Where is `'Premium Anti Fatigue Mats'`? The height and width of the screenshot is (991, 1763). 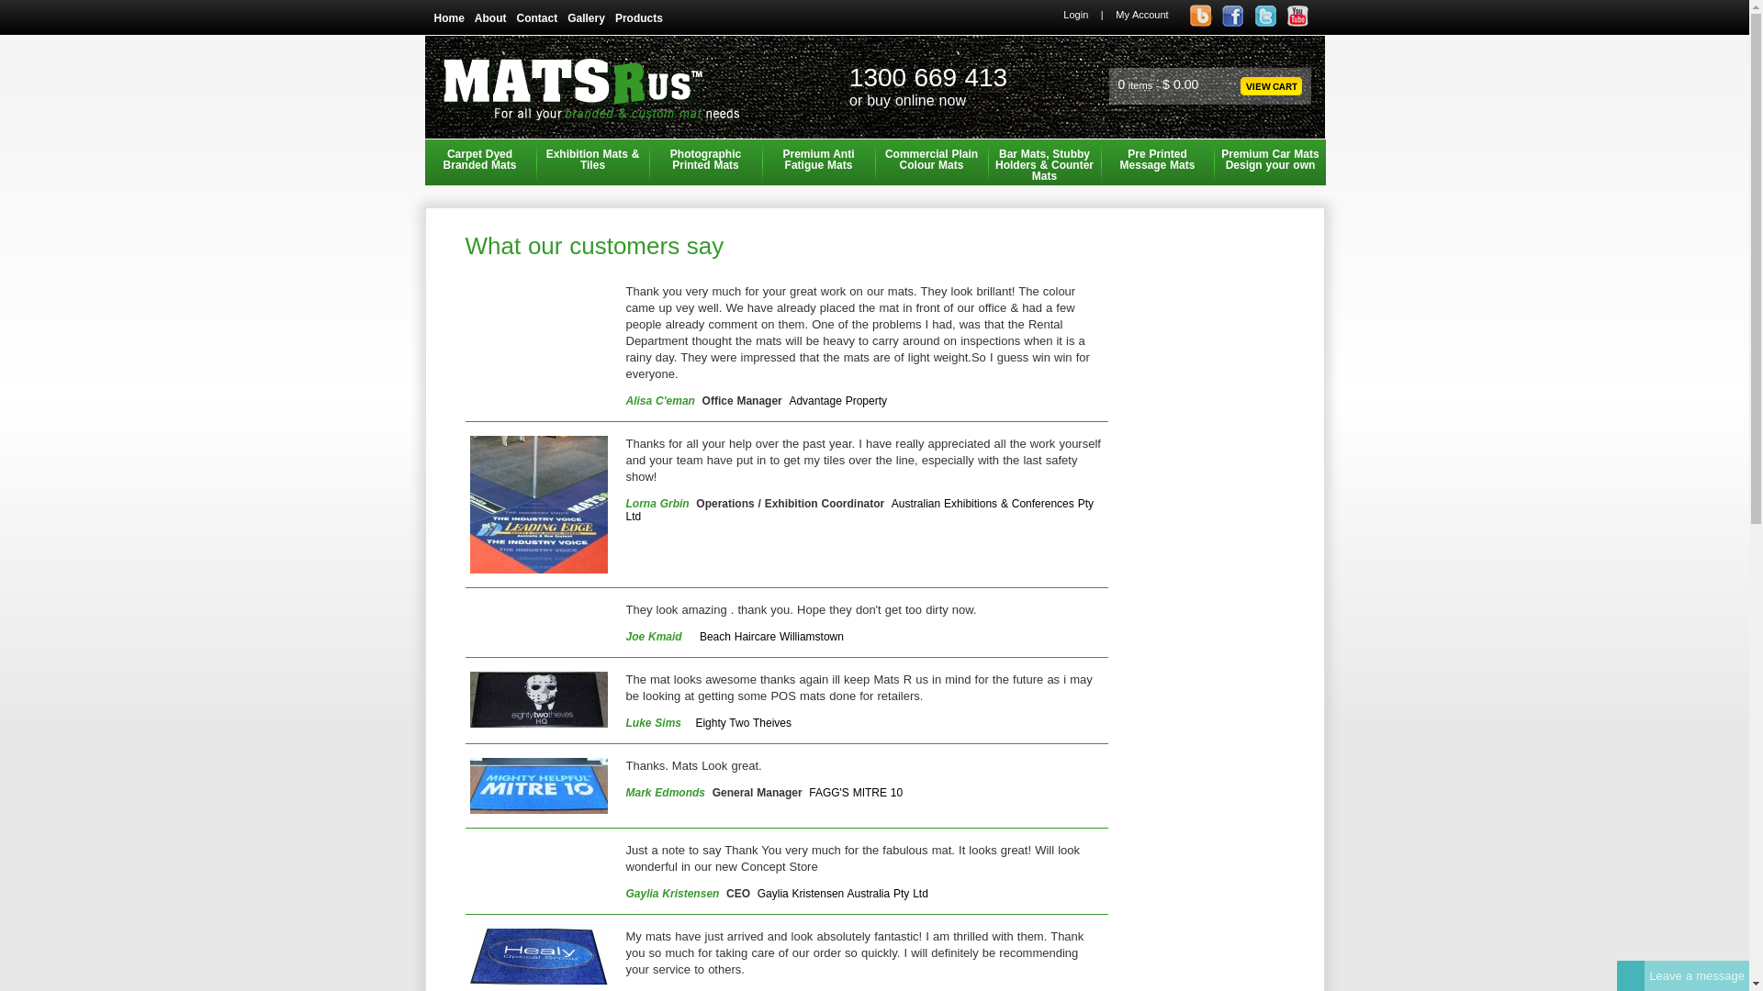
'Premium Anti Fatigue Mats' is located at coordinates (763, 161).